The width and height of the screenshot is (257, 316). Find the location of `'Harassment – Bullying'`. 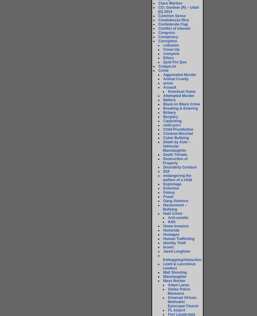

'Harassment – Bullying' is located at coordinates (163, 207).